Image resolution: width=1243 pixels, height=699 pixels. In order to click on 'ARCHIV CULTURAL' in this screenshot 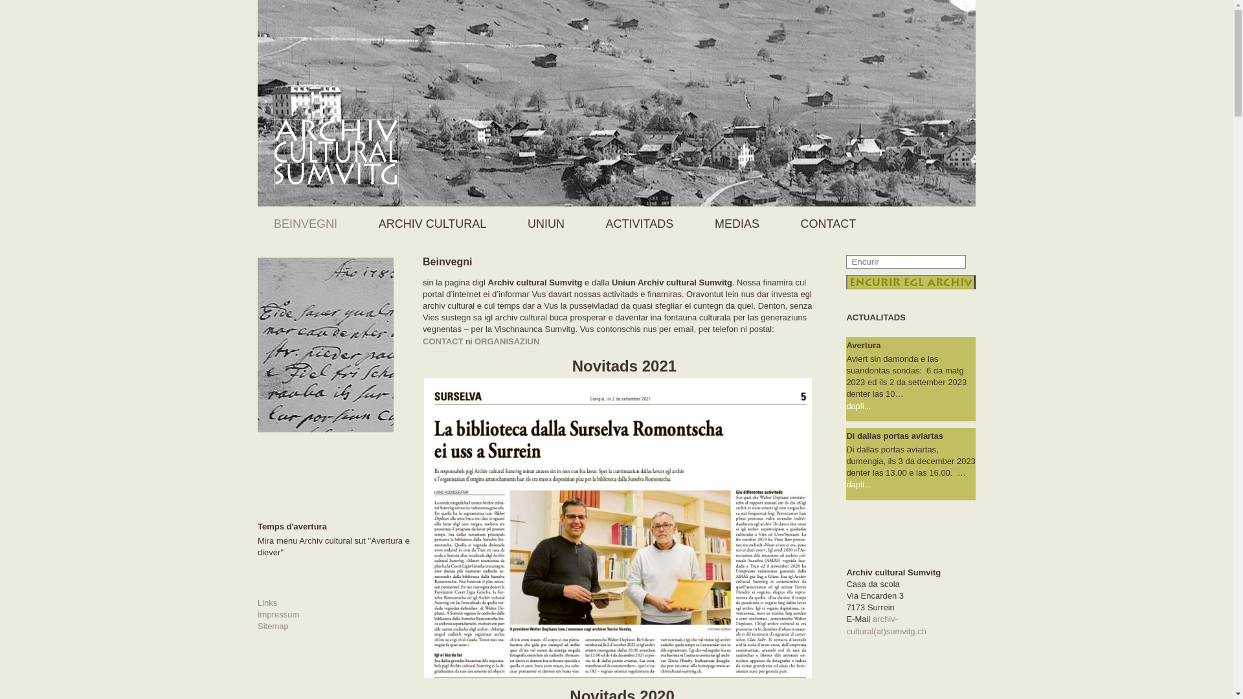, I will do `click(436, 223)`.